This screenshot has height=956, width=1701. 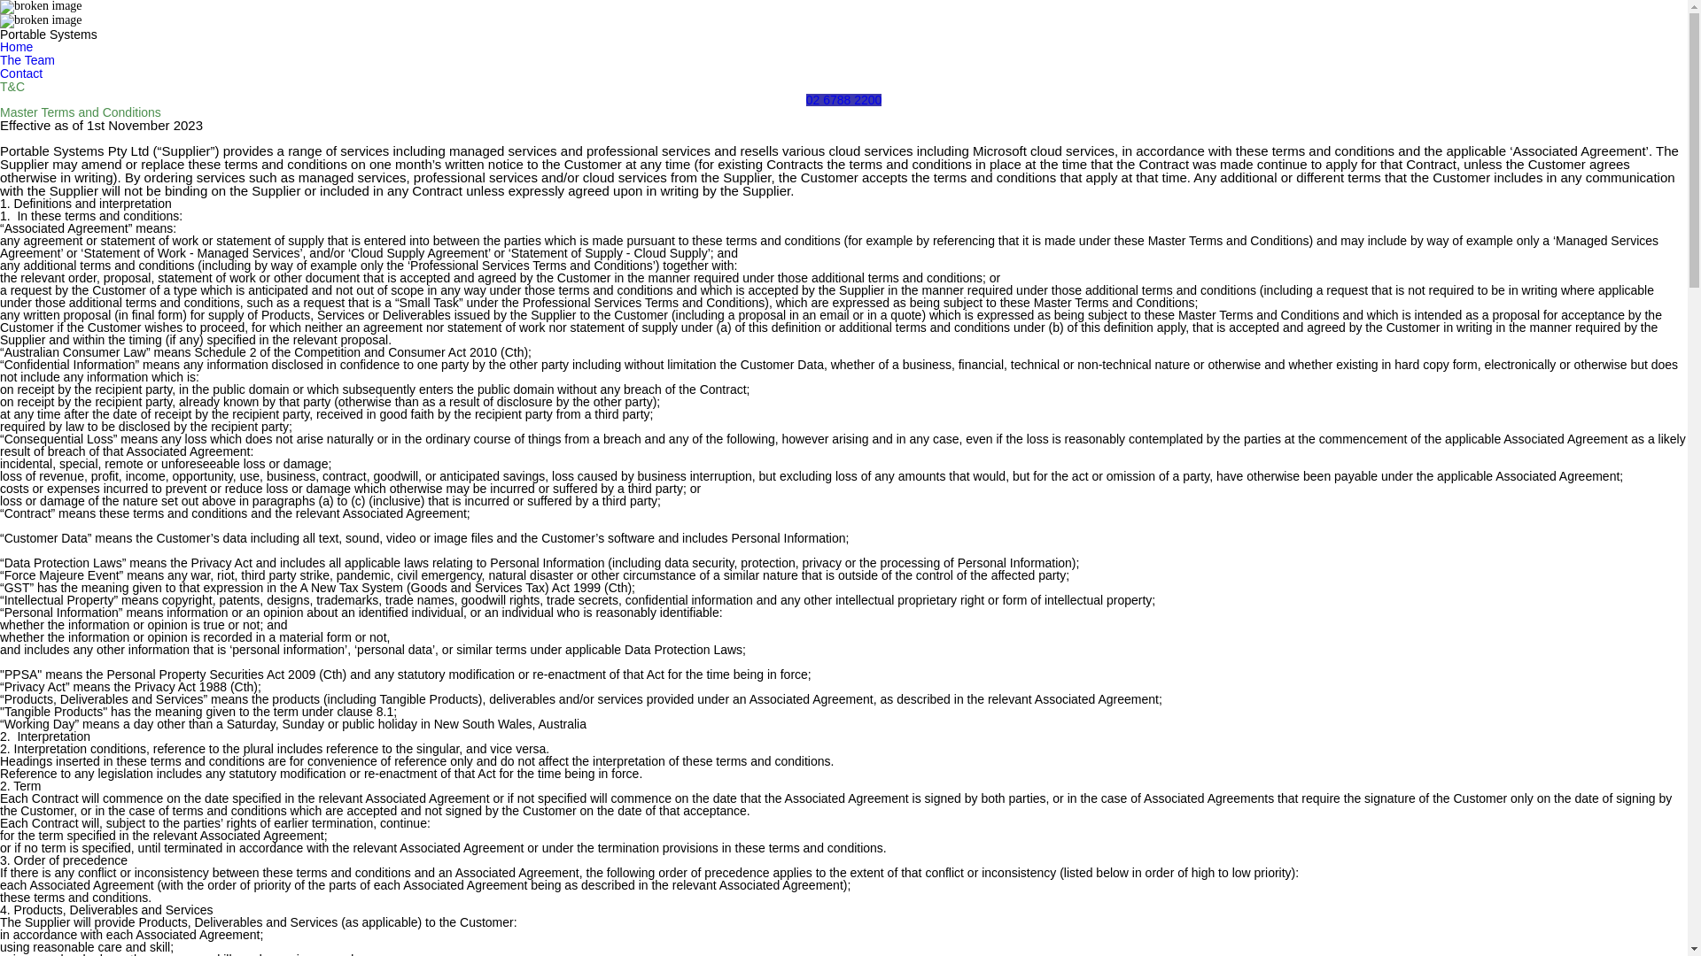 What do you see at coordinates (27, 59) in the screenshot?
I see `'The Team'` at bounding box center [27, 59].